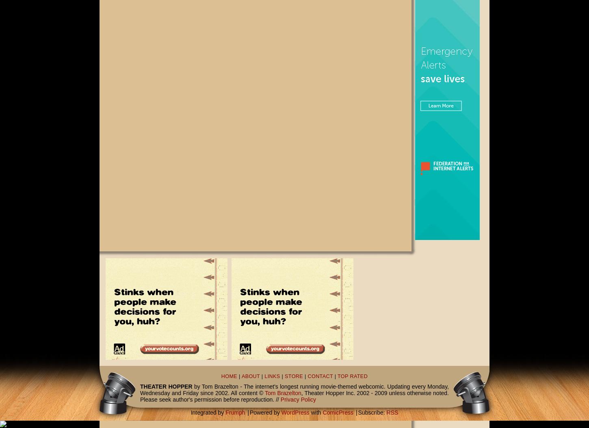 Image resolution: width=589 pixels, height=428 pixels. What do you see at coordinates (294, 396) in the screenshot?
I see `',  Theater Hopper Inc. 2002 - 2009 unless otherwise noted. Please seek author's permission before reproduction. //'` at bounding box center [294, 396].